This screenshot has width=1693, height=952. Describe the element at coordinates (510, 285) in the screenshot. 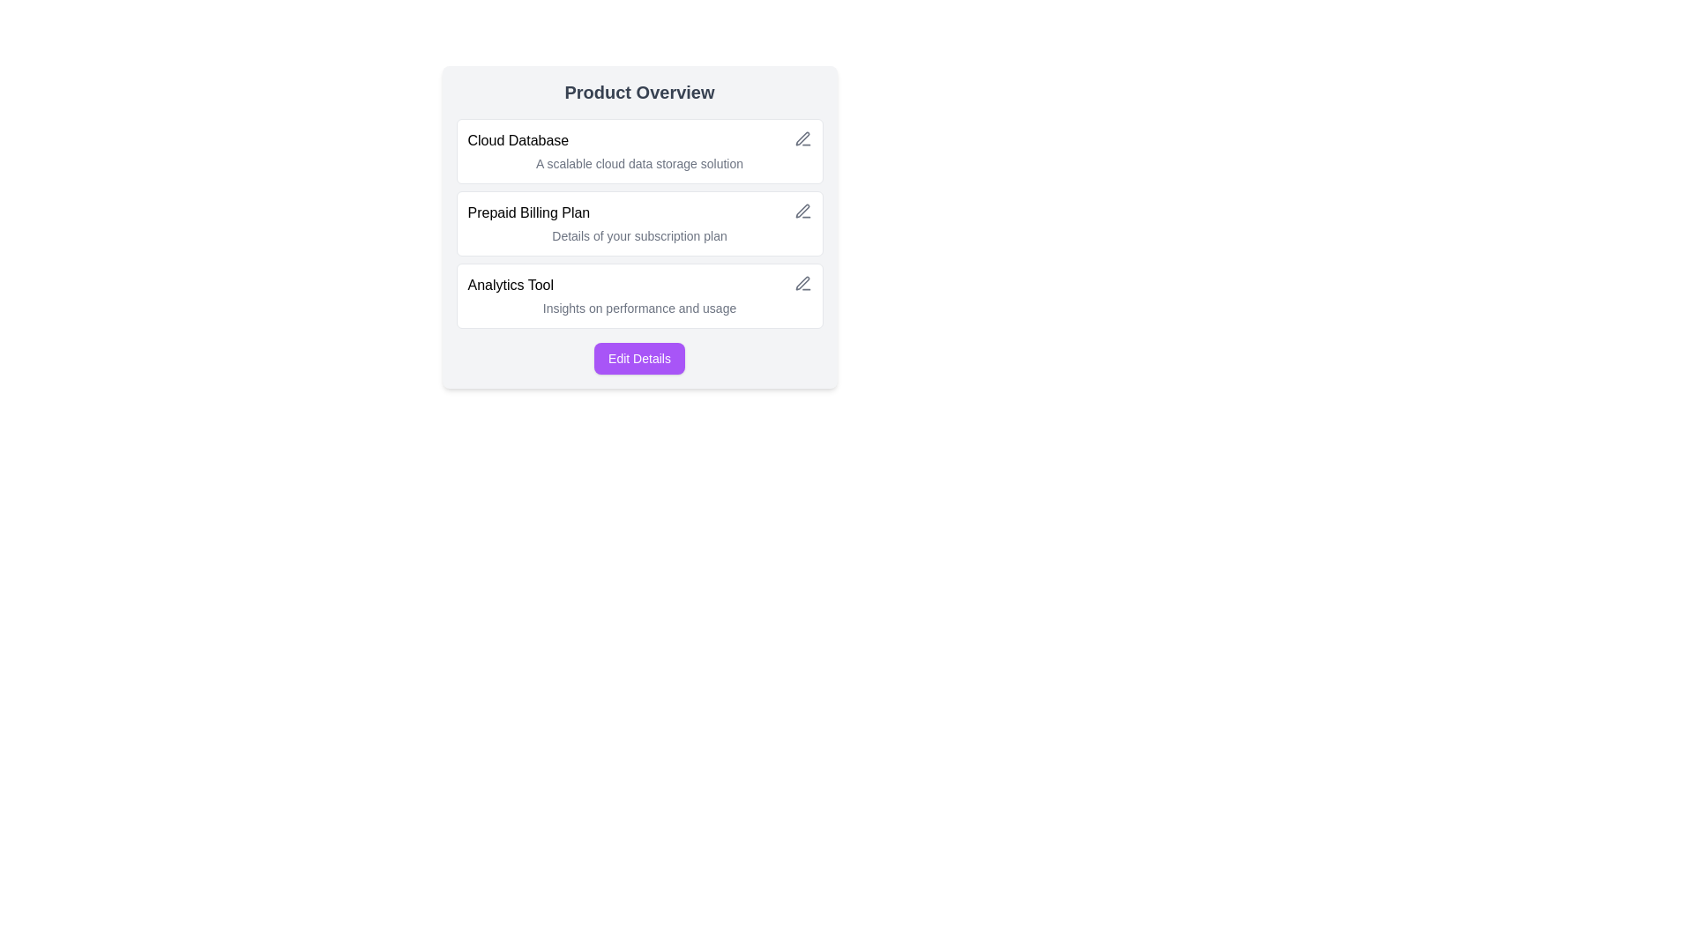

I see `the static text label that provides a description for a feature or tool in the 'Product Overview' section, positioned as the third item in the list` at that location.